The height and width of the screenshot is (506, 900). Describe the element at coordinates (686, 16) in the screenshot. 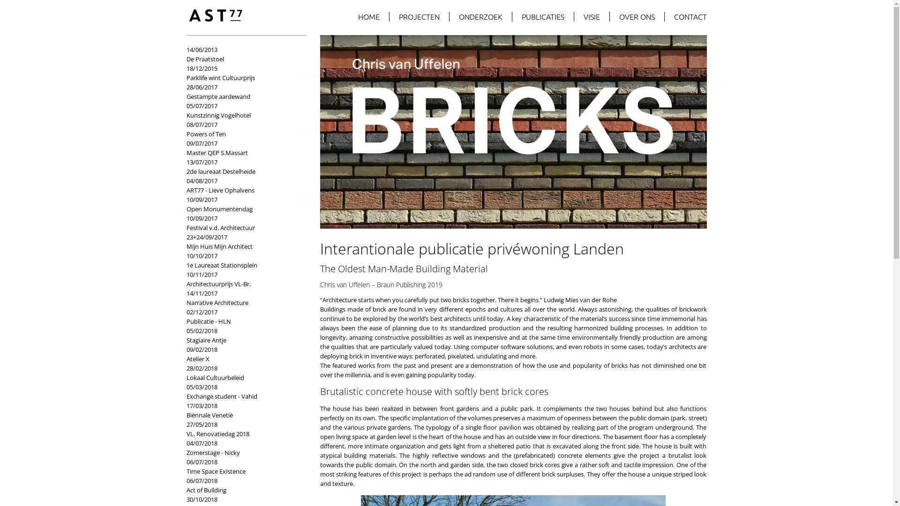

I see `'CONTACT'` at that location.